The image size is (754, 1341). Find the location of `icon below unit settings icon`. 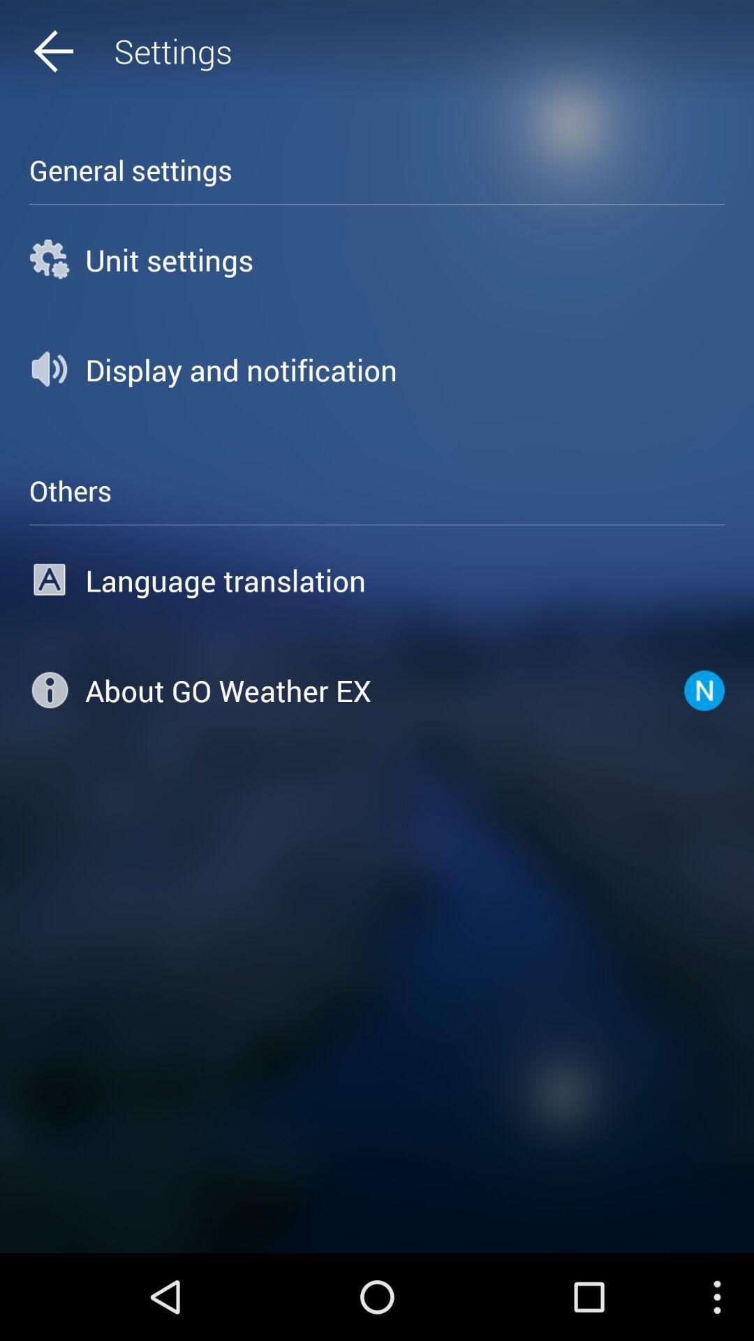

icon below unit settings icon is located at coordinates (377, 369).